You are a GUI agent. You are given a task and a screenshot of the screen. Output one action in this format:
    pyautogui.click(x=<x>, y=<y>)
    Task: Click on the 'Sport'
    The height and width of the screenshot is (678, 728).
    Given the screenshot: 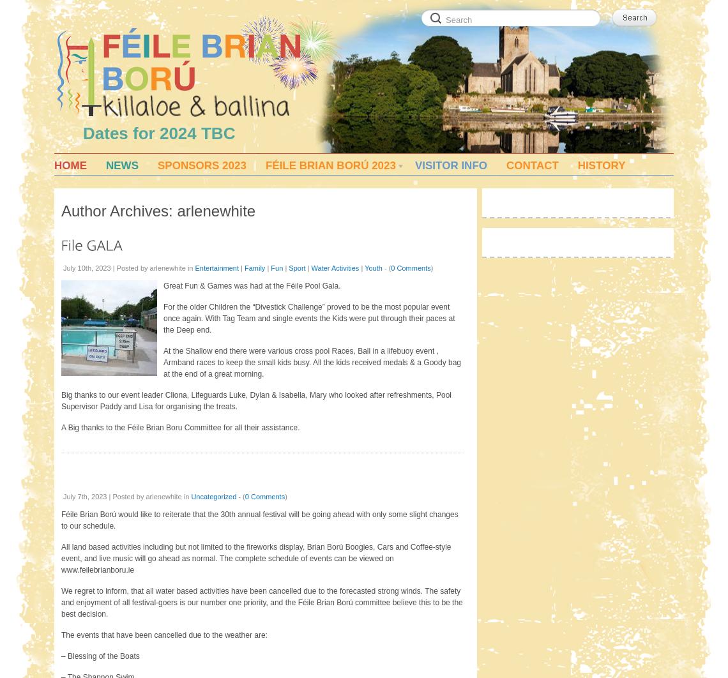 What is the action you would take?
    pyautogui.click(x=297, y=267)
    